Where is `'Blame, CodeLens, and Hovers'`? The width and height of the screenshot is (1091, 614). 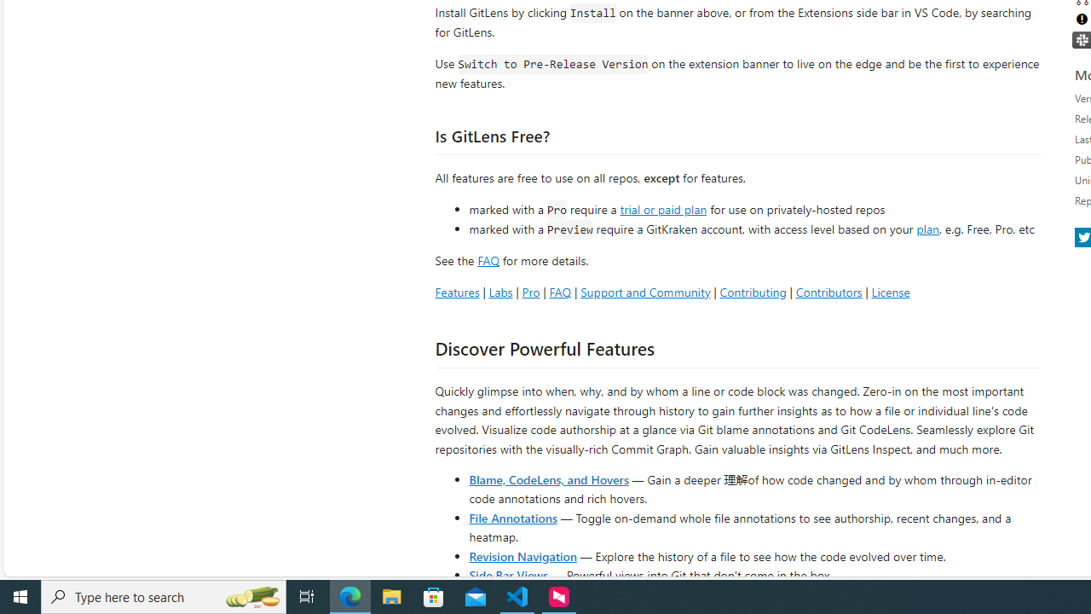
'Blame, CodeLens, and Hovers' is located at coordinates (549, 478).